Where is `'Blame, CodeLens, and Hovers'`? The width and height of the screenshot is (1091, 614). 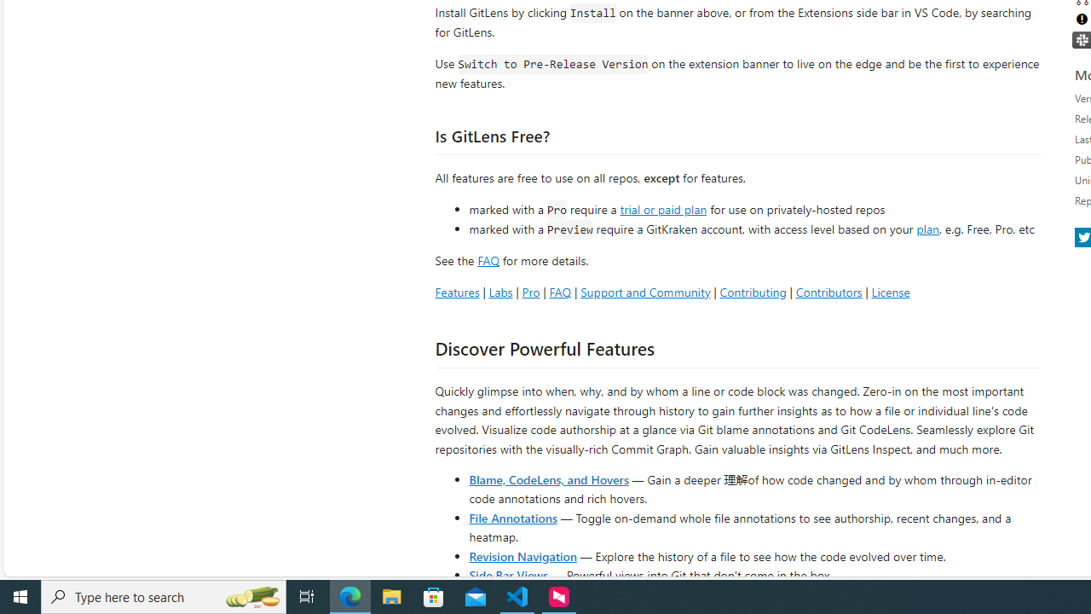
'Blame, CodeLens, and Hovers' is located at coordinates (549, 478).